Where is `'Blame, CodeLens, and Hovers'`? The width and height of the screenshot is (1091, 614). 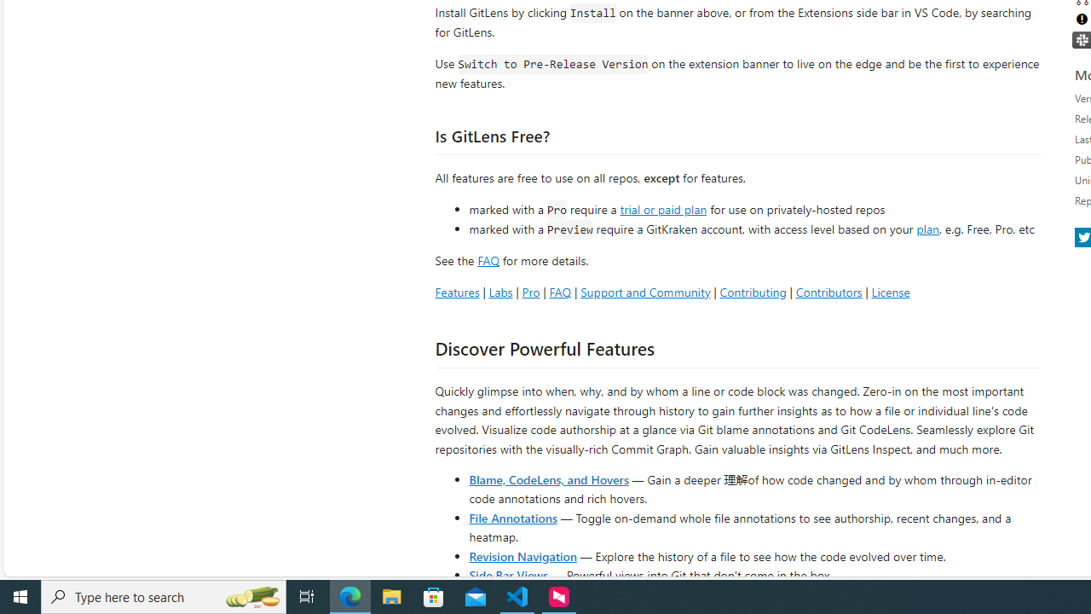
'Blame, CodeLens, and Hovers' is located at coordinates (549, 478).